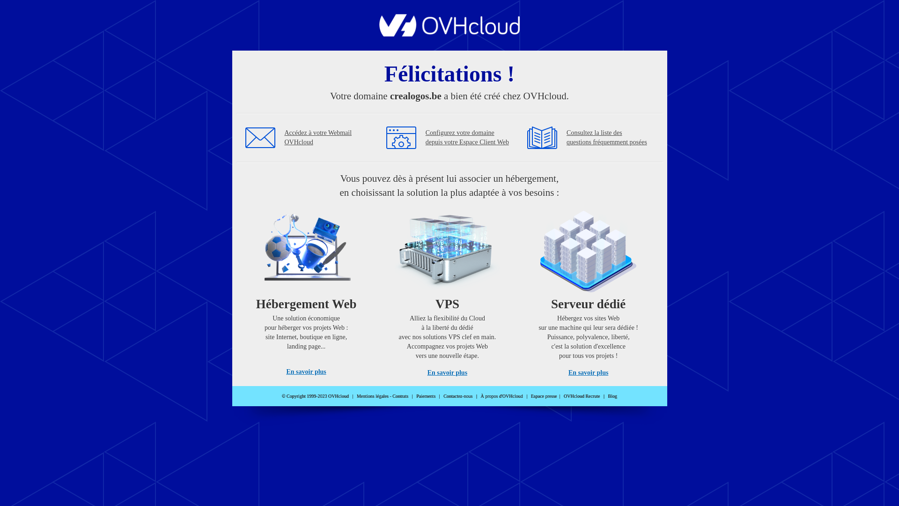 Image resolution: width=899 pixels, height=506 pixels. What do you see at coordinates (449, 33) in the screenshot?
I see `'OVHcloud'` at bounding box center [449, 33].